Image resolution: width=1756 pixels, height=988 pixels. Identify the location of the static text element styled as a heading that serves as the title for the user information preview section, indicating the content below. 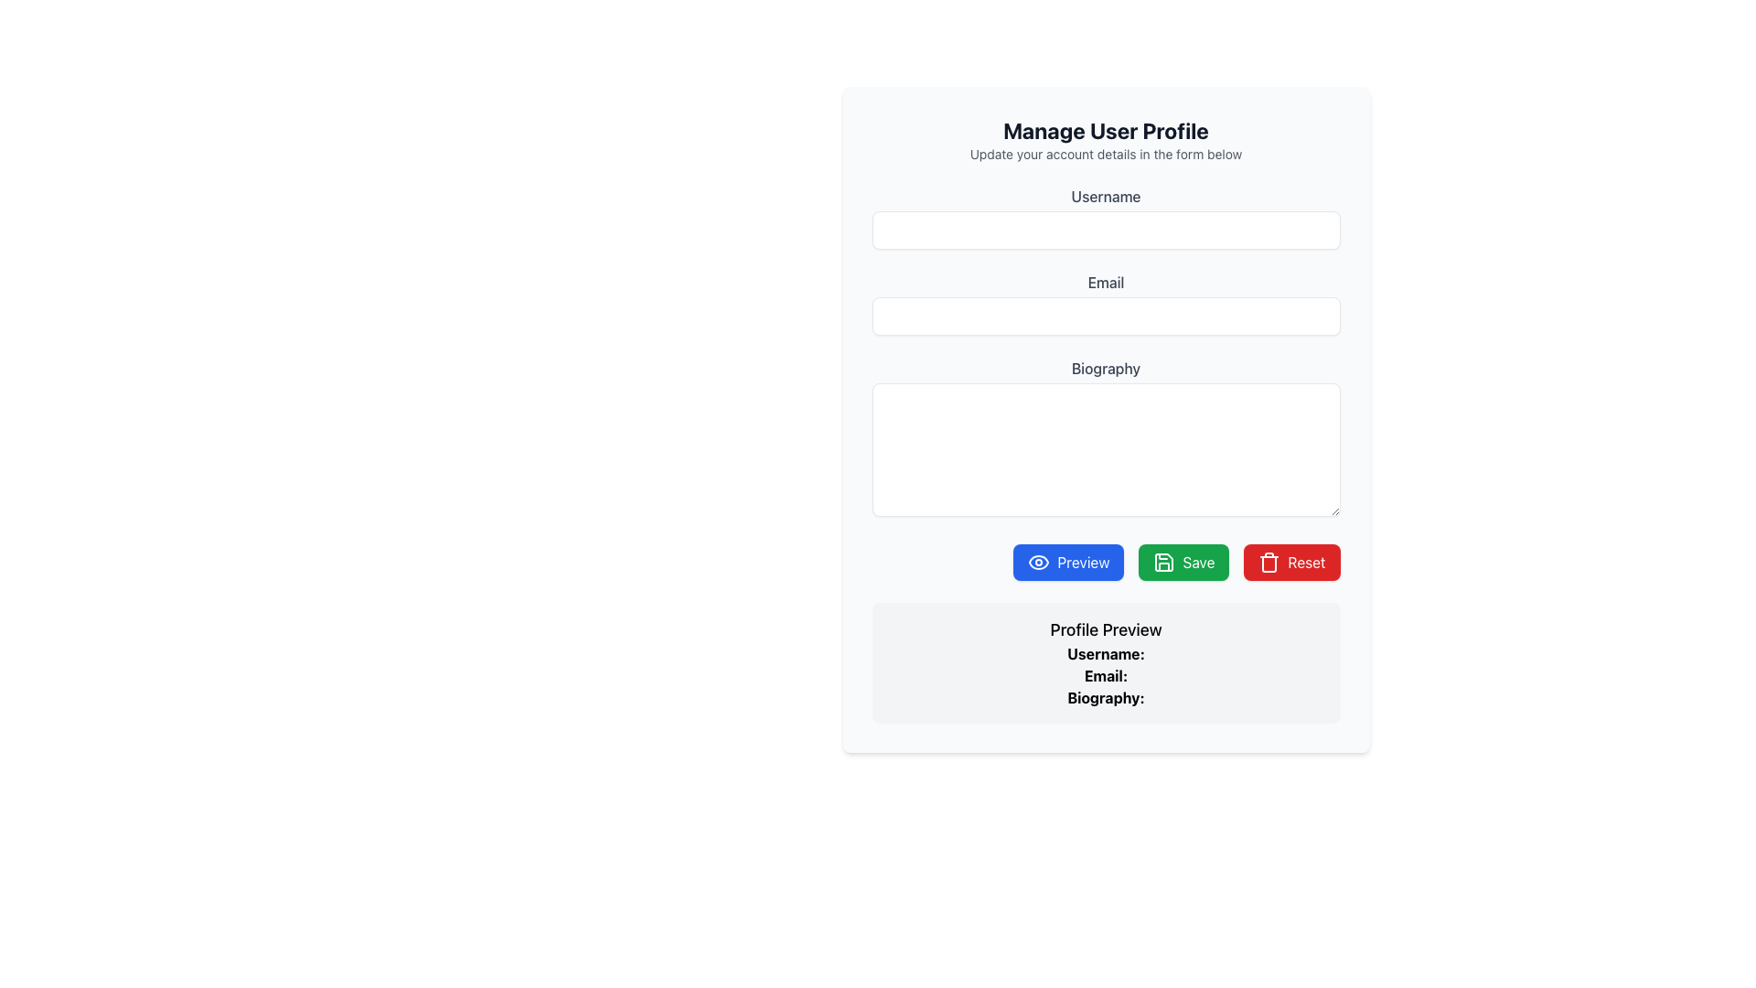
(1105, 629).